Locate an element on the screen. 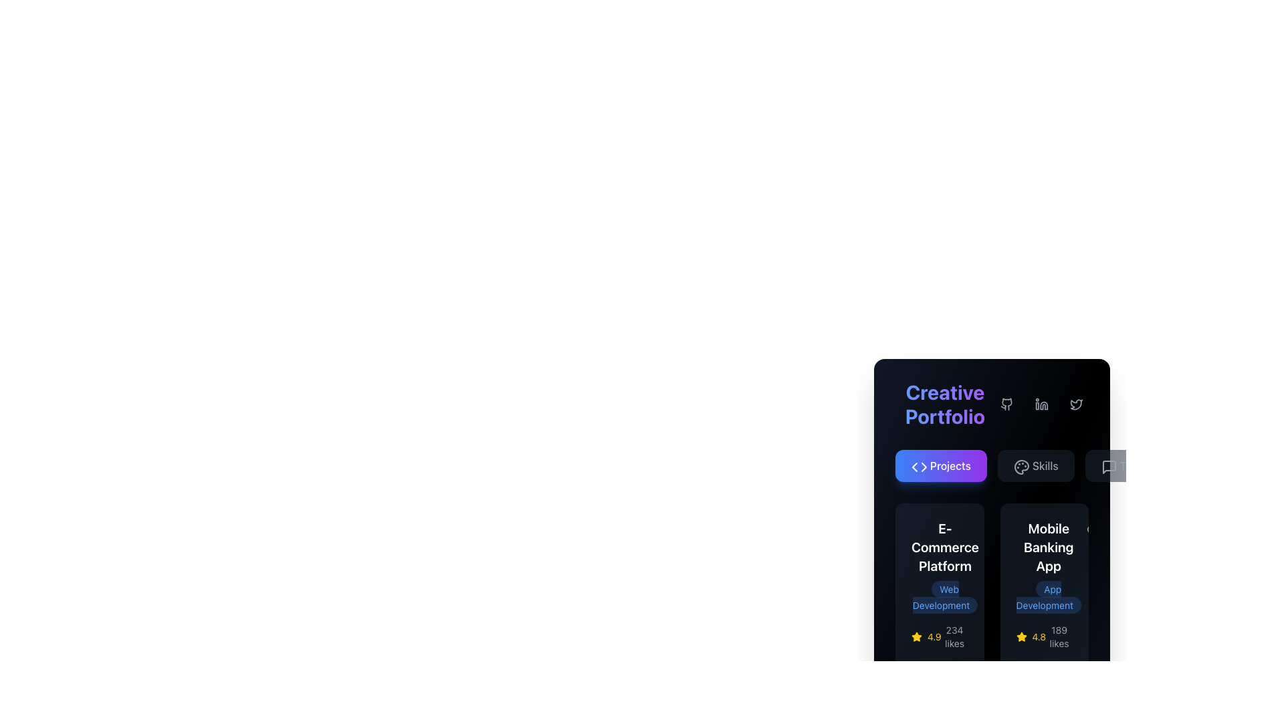  the 'Skills' text label is located at coordinates (1045, 465).